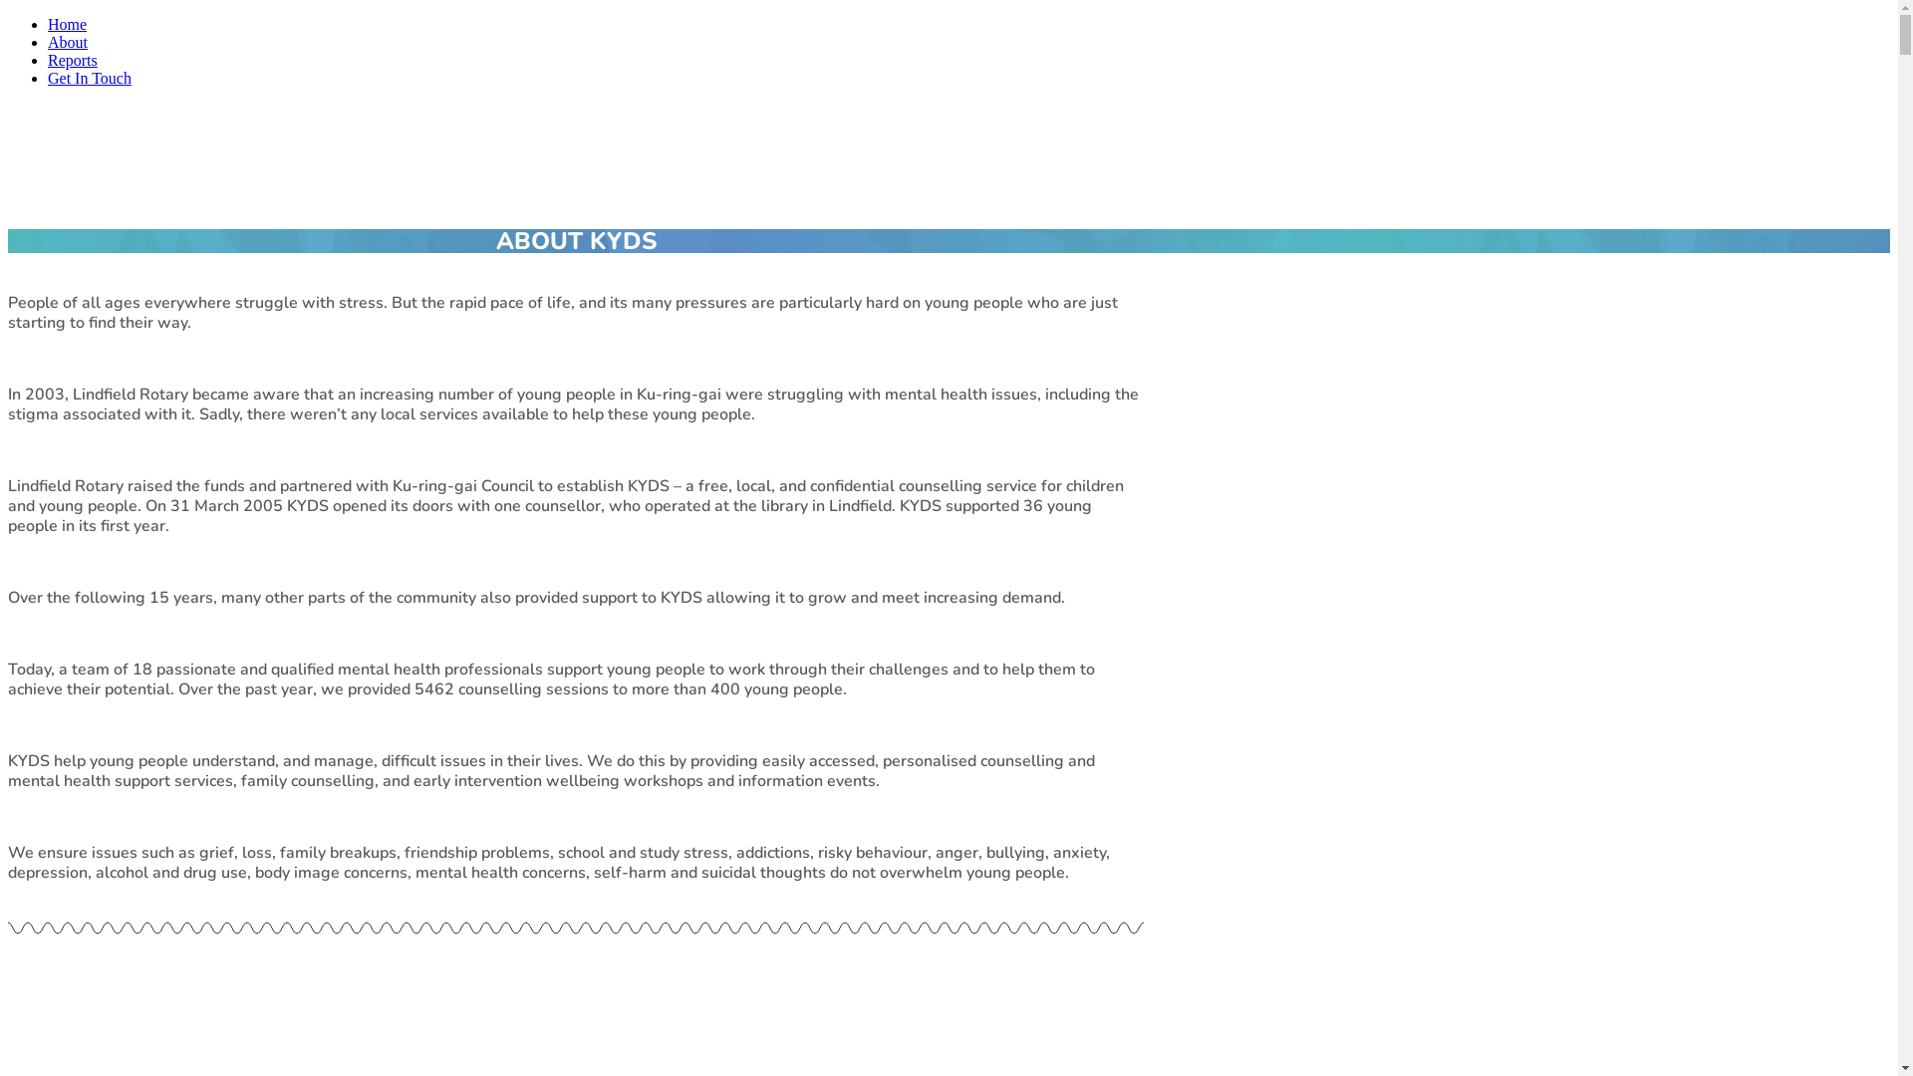 This screenshot has width=1913, height=1076. What do you see at coordinates (67, 24) in the screenshot?
I see `'Home'` at bounding box center [67, 24].